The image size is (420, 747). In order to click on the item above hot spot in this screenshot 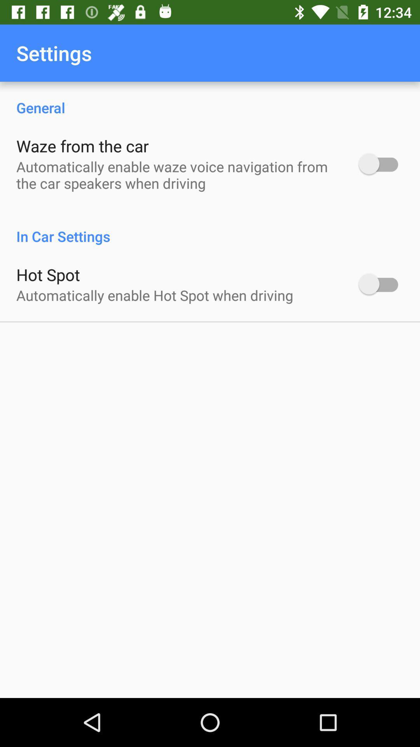, I will do `click(210, 228)`.